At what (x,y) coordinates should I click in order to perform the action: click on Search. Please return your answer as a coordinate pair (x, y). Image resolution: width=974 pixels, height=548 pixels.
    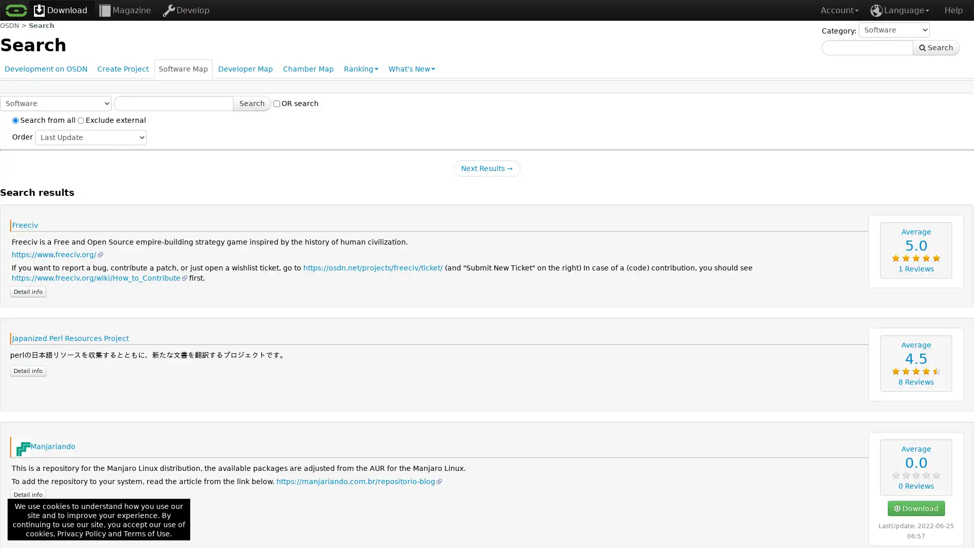
    Looking at the image, I should click on (935, 47).